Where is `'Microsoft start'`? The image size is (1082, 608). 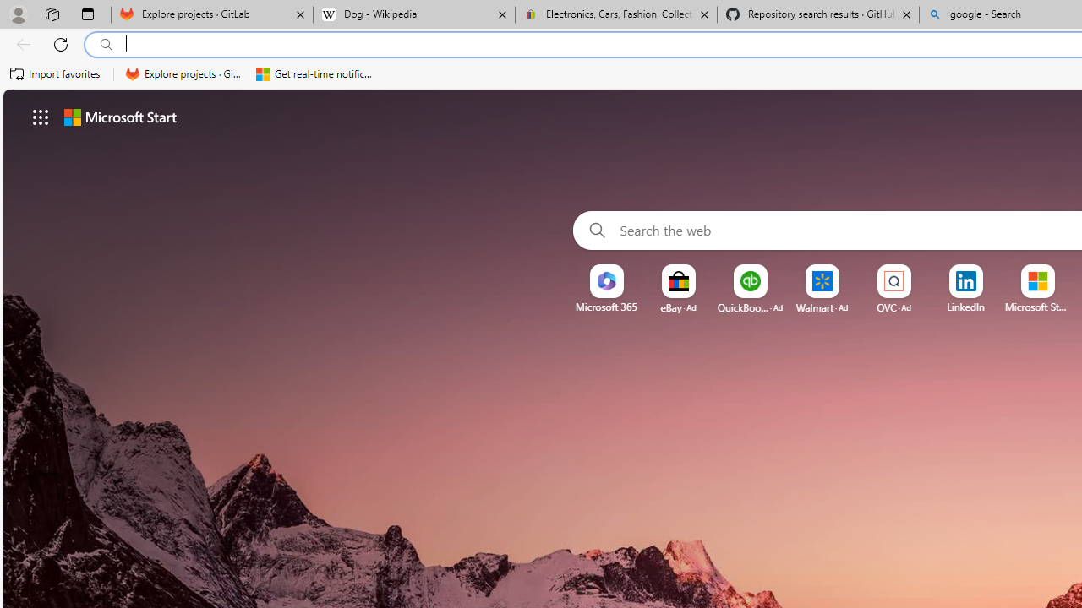
'Microsoft start' is located at coordinates (119, 116).